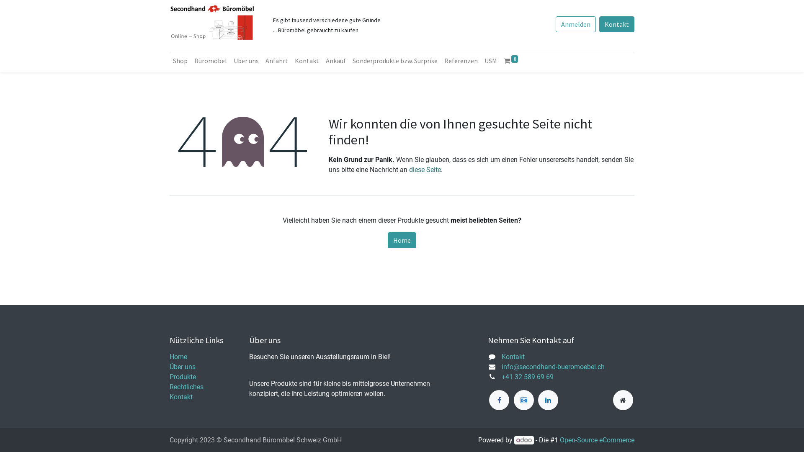 Image resolution: width=804 pixels, height=452 pixels. I want to click on '+41 32 589 69 69', so click(502, 377).